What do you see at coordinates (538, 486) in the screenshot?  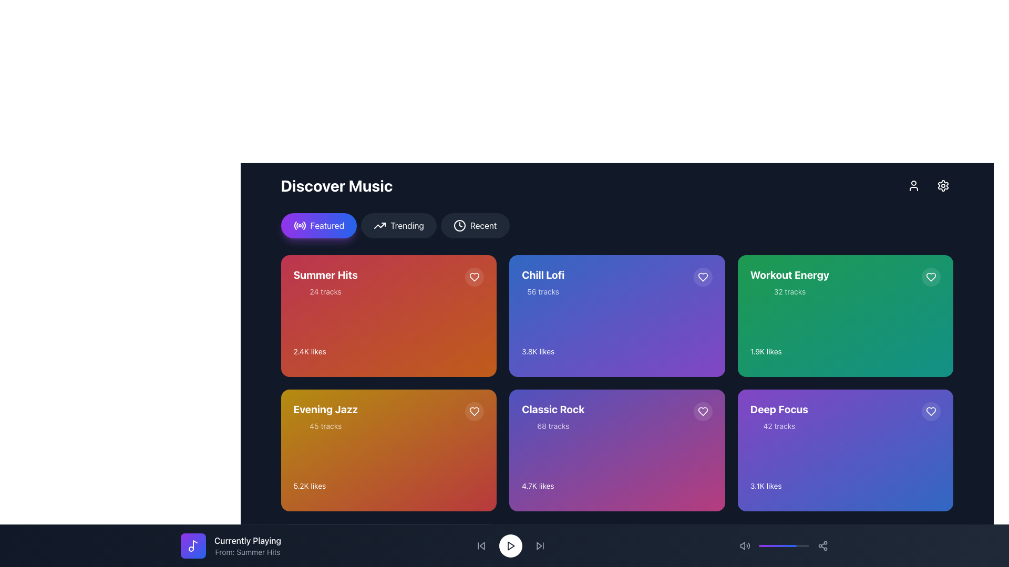 I see `the text label displaying the number of likes for the 'Classic Rock' card, located at the bottom center of the card in the 'Discover Music' section` at bounding box center [538, 486].